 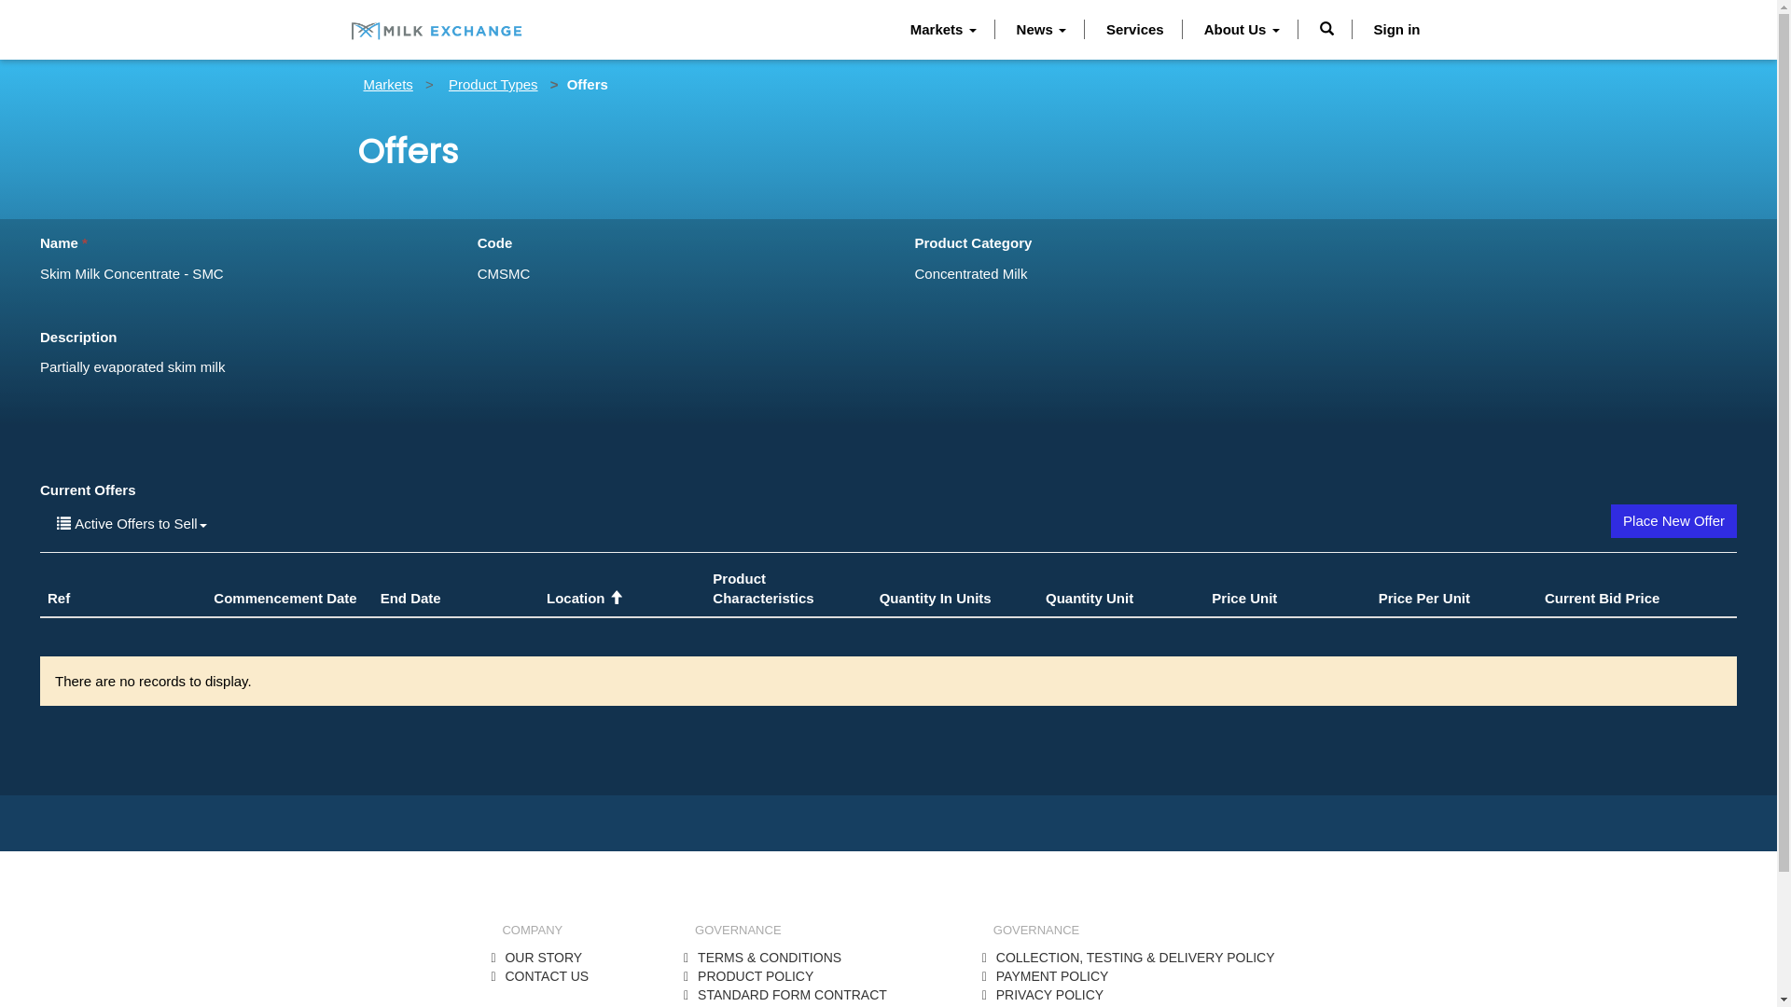 I want to click on 'Markets', so click(x=387, y=84).